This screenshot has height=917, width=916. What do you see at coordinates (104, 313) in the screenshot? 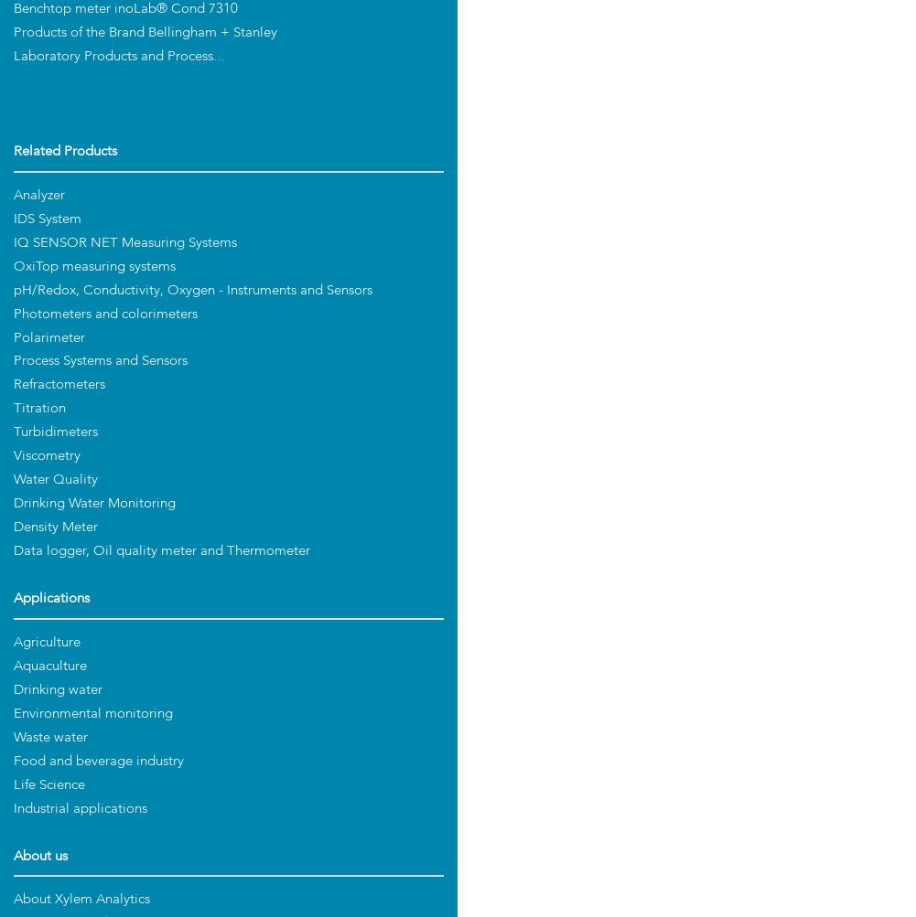
I see `'Photometers and colorimeters'` at bounding box center [104, 313].